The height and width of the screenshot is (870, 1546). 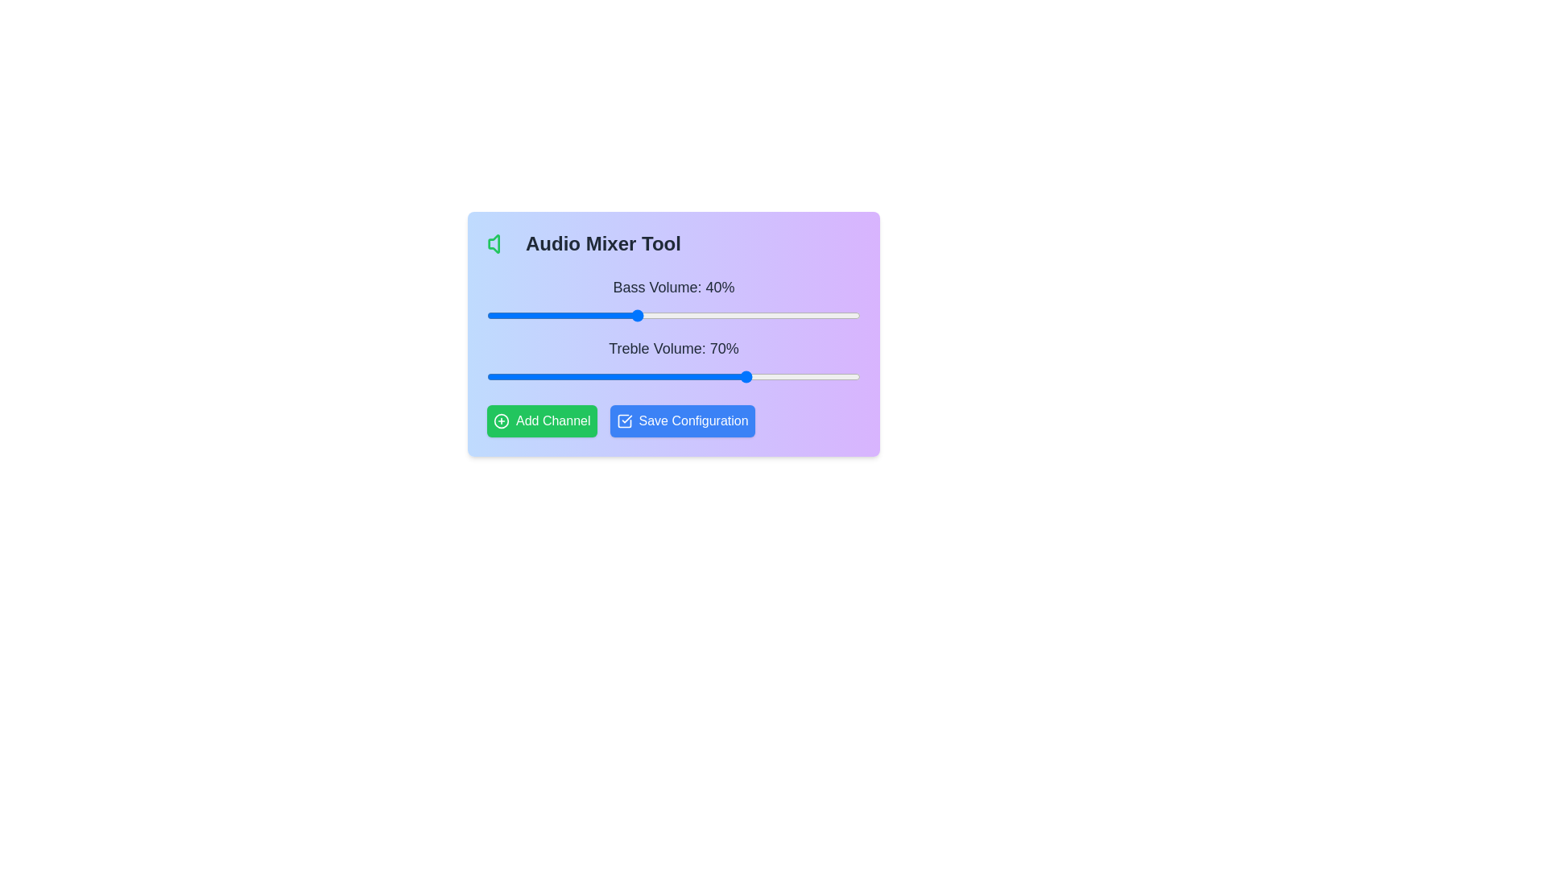 What do you see at coordinates (849, 376) in the screenshot?
I see `treble volume` at bounding box center [849, 376].